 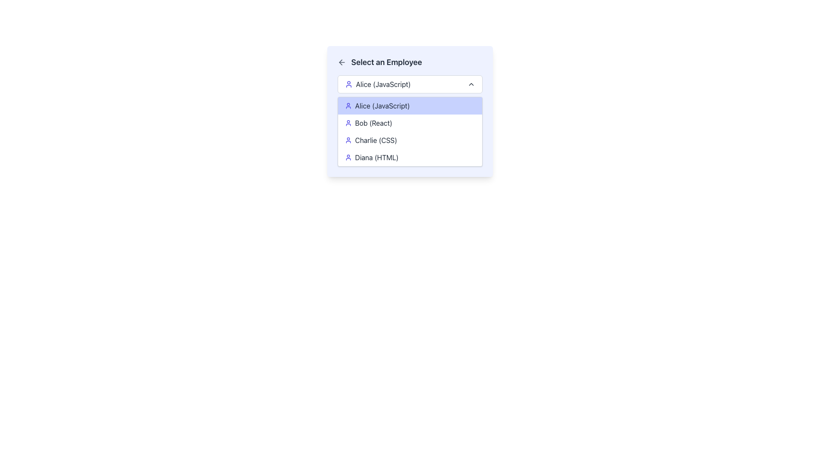 What do you see at coordinates (409, 123) in the screenshot?
I see `the list item displaying 'Bob (React)' in the dropdown menu titled 'Select an Employee'` at bounding box center [409, 123].